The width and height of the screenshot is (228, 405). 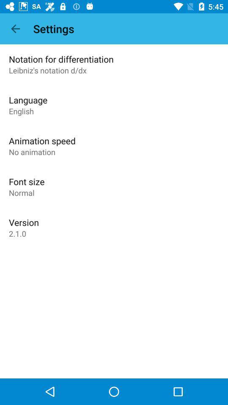 What do you see at coordinates (48, 70) in the screenshot?
I see `app below notation for differentiation` at bounding box center [48, 70].